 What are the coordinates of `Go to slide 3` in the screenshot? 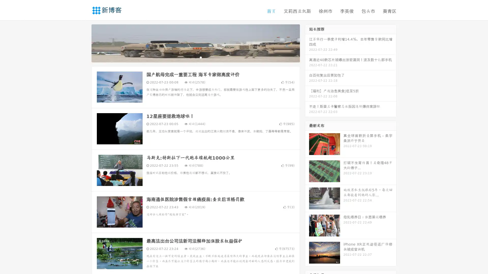 It's located at (201, 57).